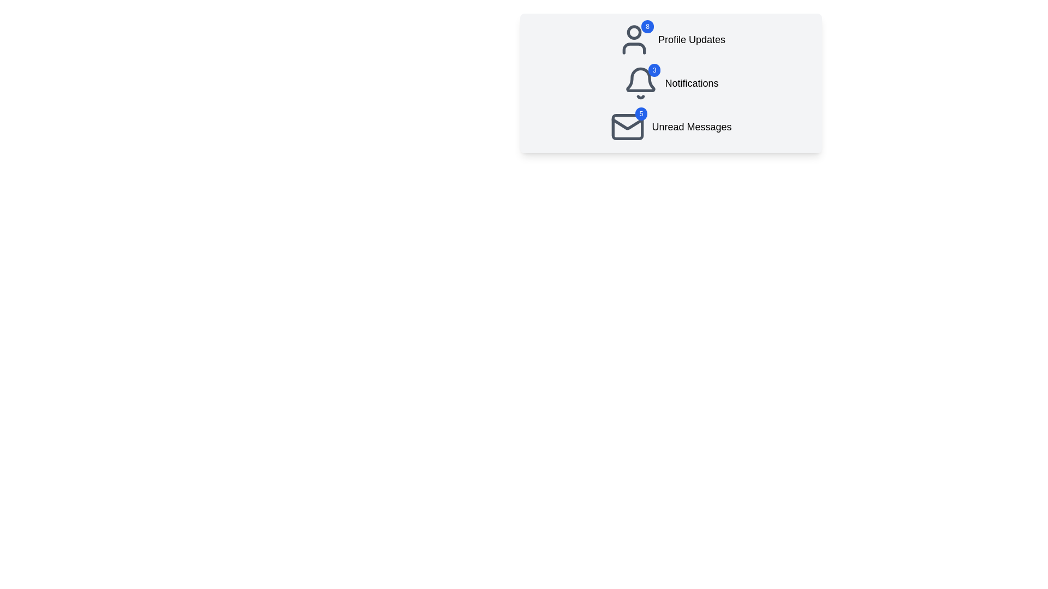 This screenshot has height=589, width=1048. I want to click on the Notification Indicator, which displays the count of notifications and is located between the 'Profile Updates' icon and the 'Unread Messages' icon in a vertical list, so click(670, 83).